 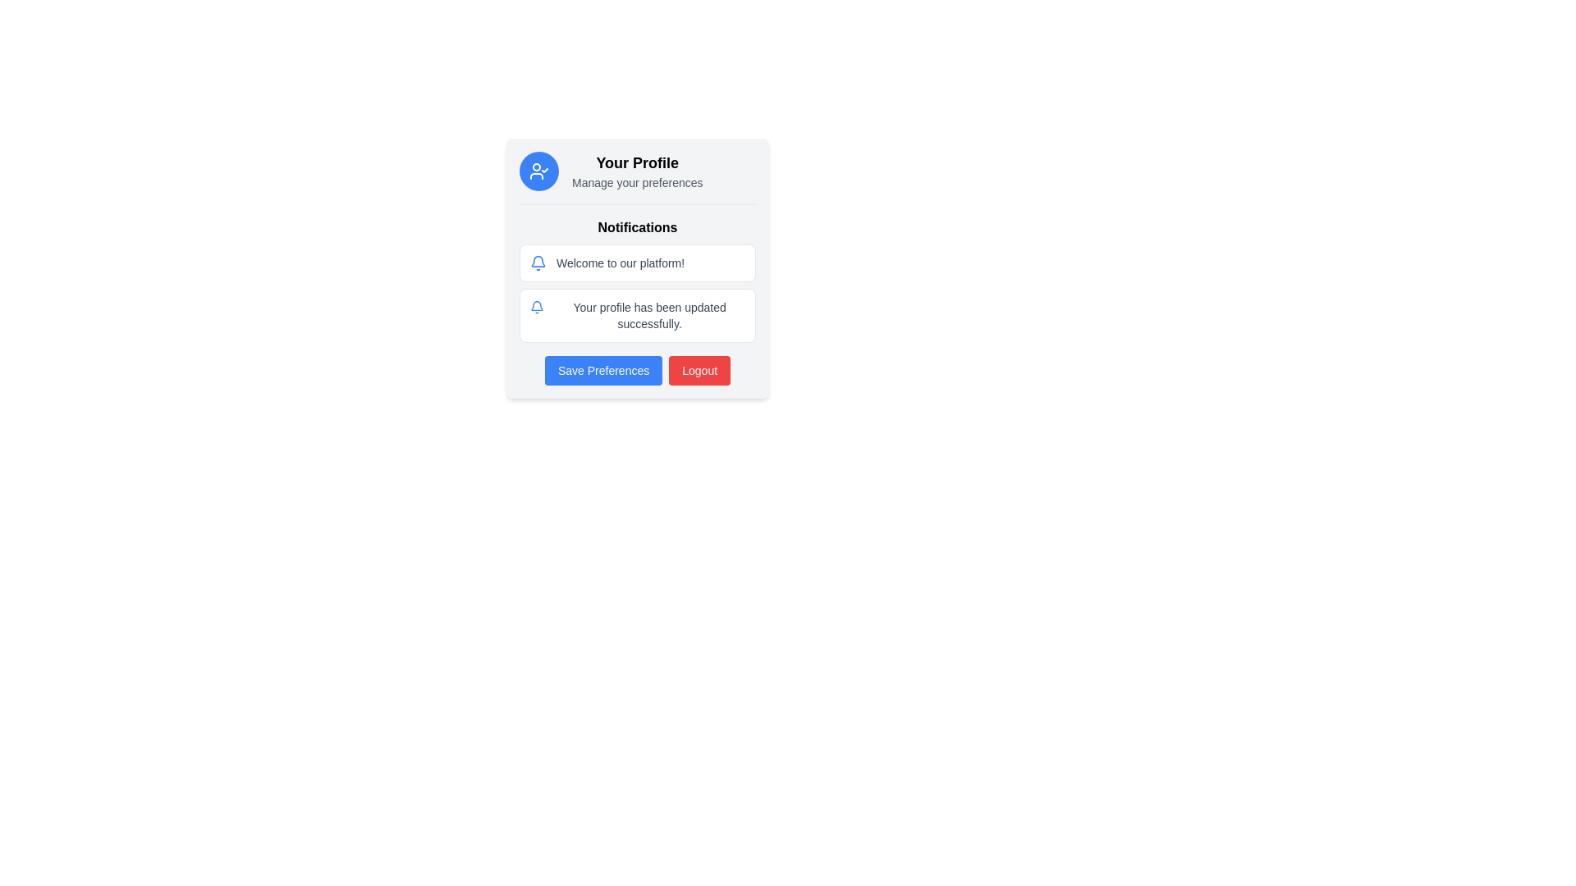 I want to click on the Header section containing a blue circular icon with a user profile symbol and the text 'Your Profile' in bold, located at the top of a card-like panel, so click(x=637, y=178).